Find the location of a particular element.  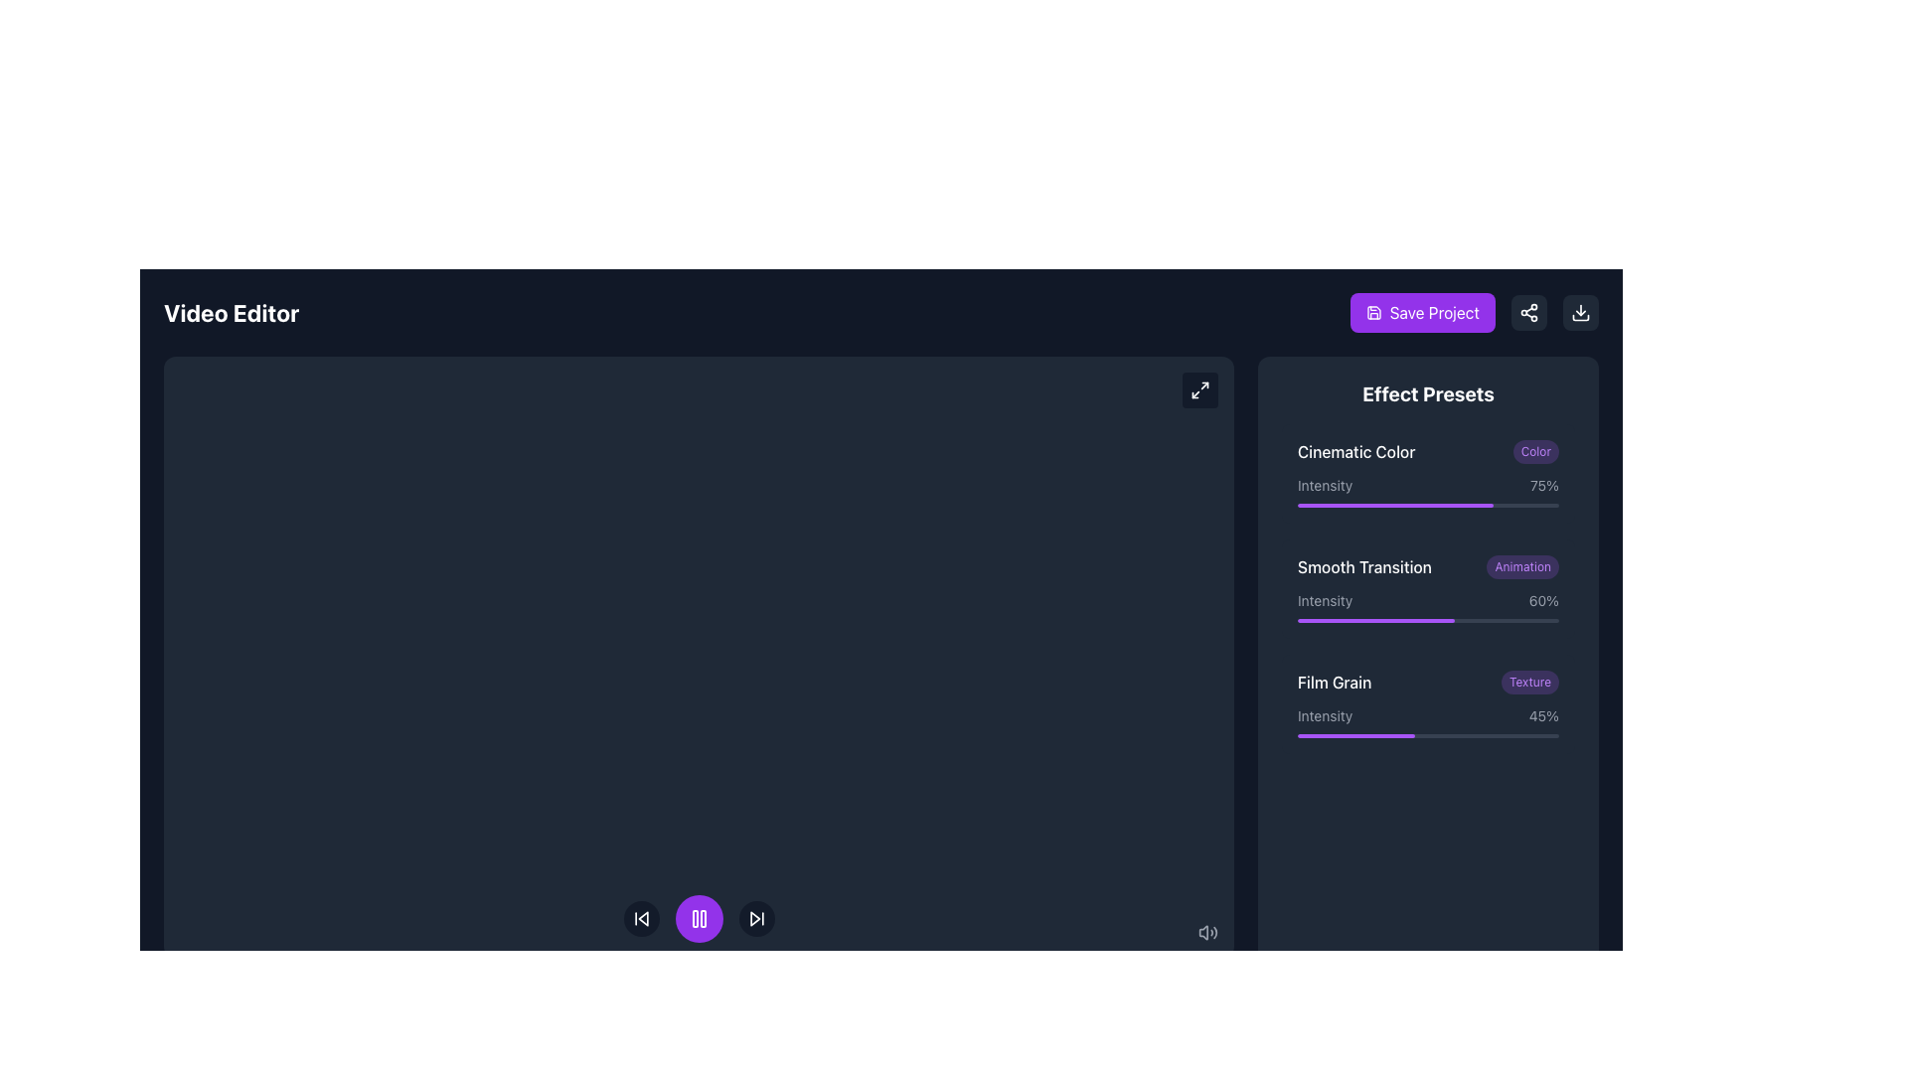

the static text label displaying the intensity value of the 'Smooth Transition' effect, located to the far right under the 'Smooth Transition' effect preset section is located at coordinates (1542, 600).